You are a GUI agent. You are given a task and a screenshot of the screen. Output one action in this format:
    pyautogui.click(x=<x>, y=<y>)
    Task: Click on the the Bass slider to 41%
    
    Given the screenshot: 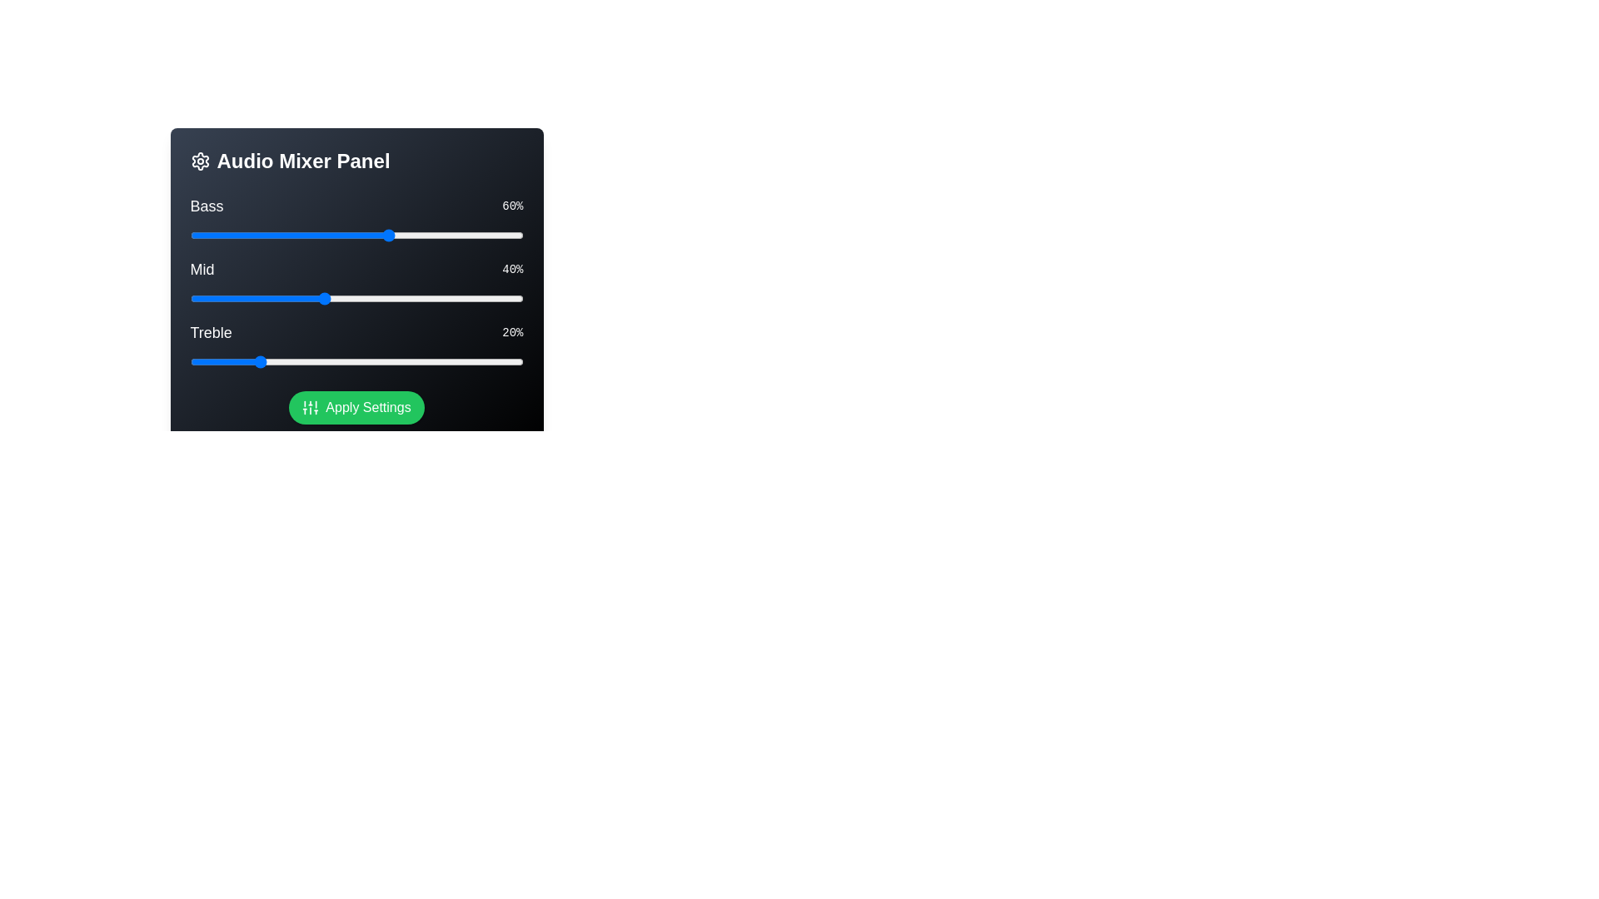 What is the action you would take?
    pyautogui.click(x=326, y=235)
    